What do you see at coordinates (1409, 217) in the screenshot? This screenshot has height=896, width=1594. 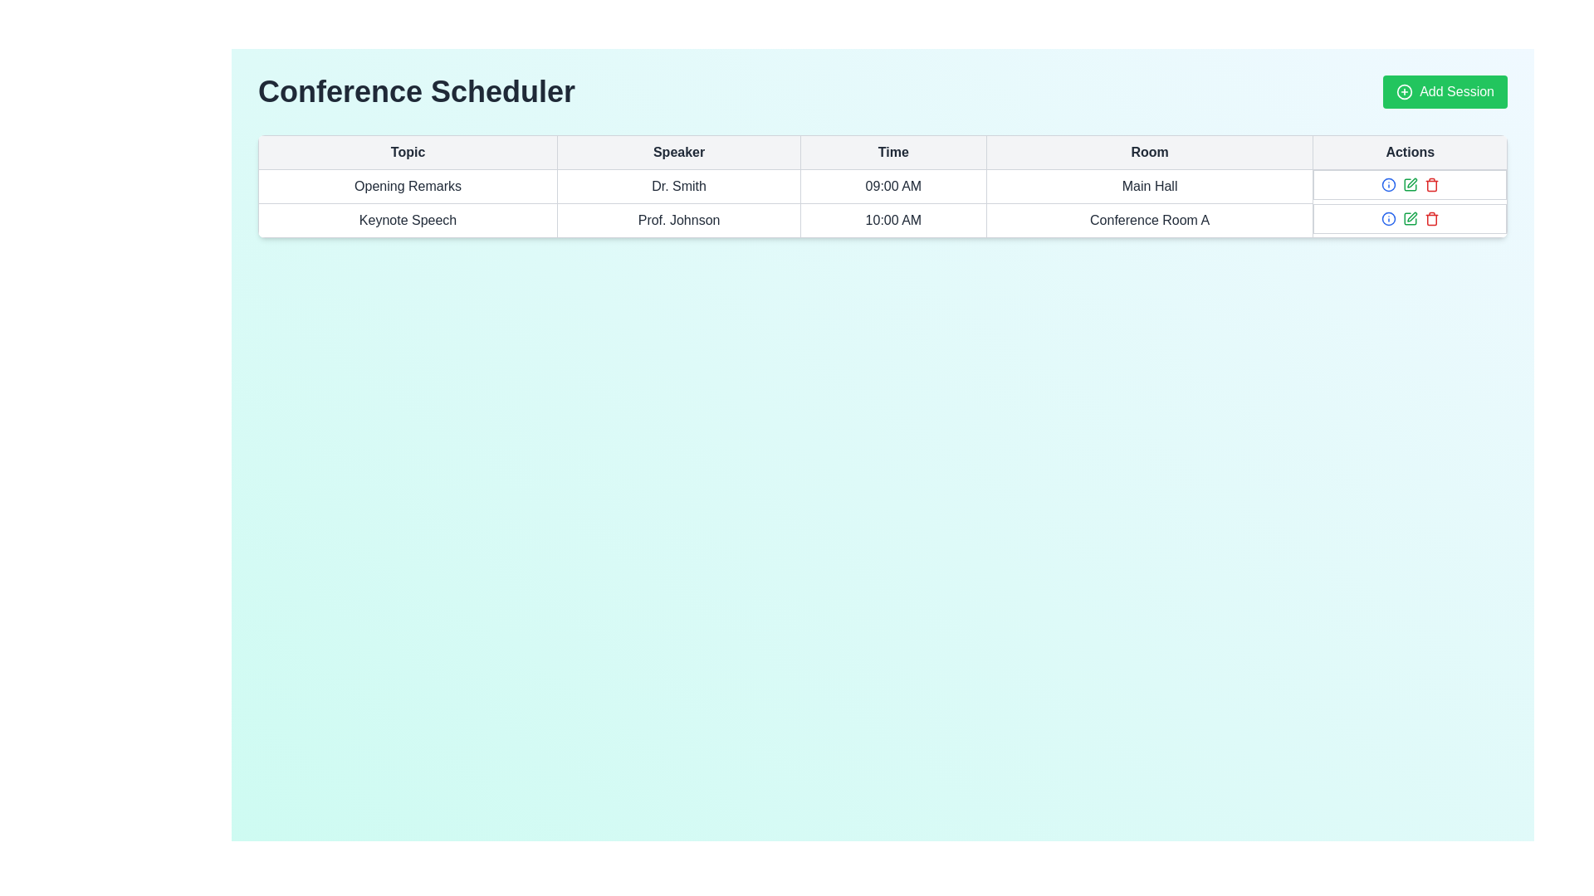 I see `the green icon resembling a pen or pencil in the 'Actions' column of the table for the 'Keynote Speech' entry` at bounding box center [1409, 217].